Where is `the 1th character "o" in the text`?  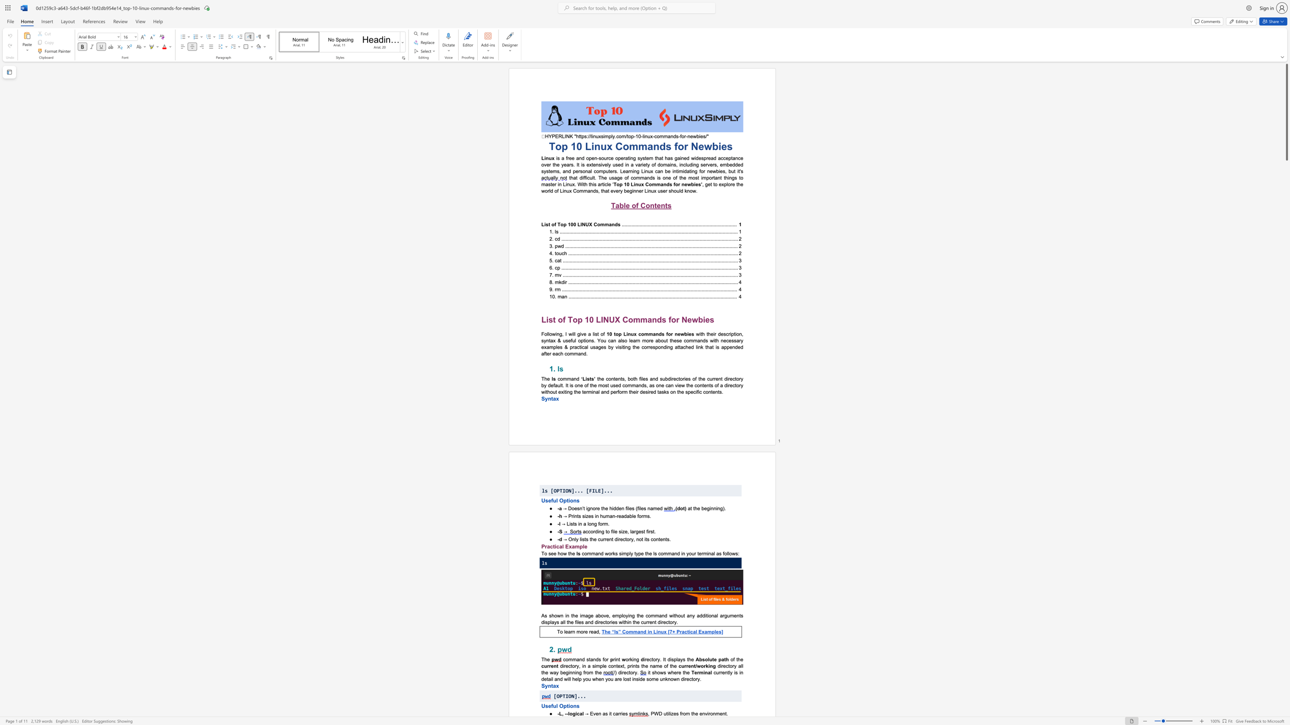
the 1th character "o" in the text is located at coordinates (560, 319).